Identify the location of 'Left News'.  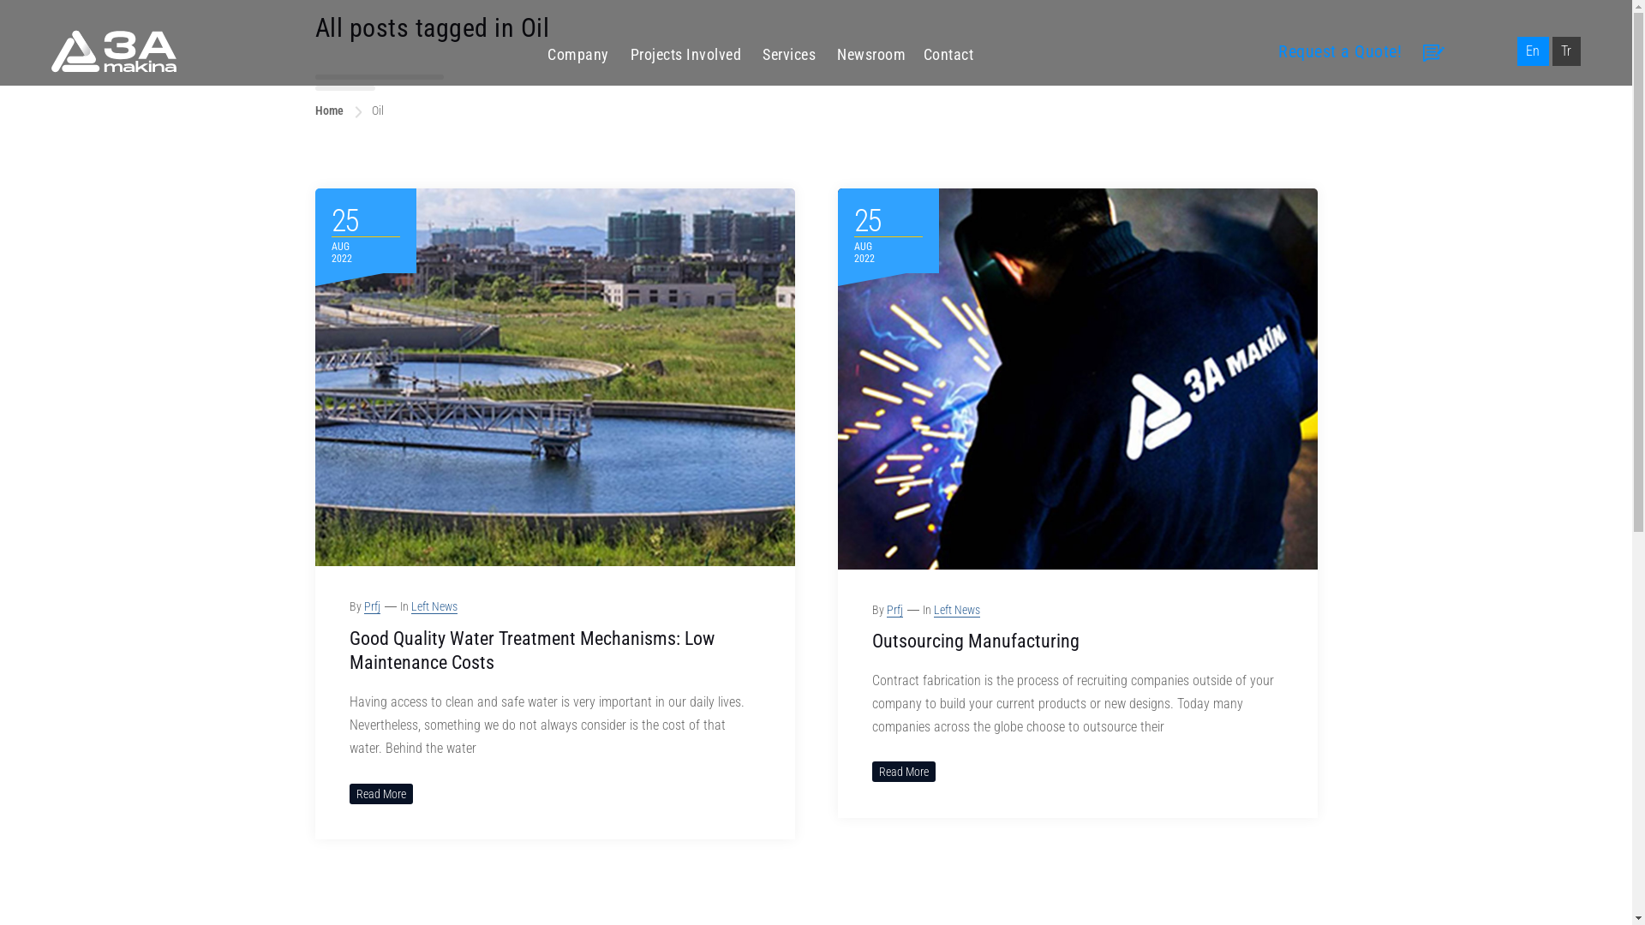
(956, 609).